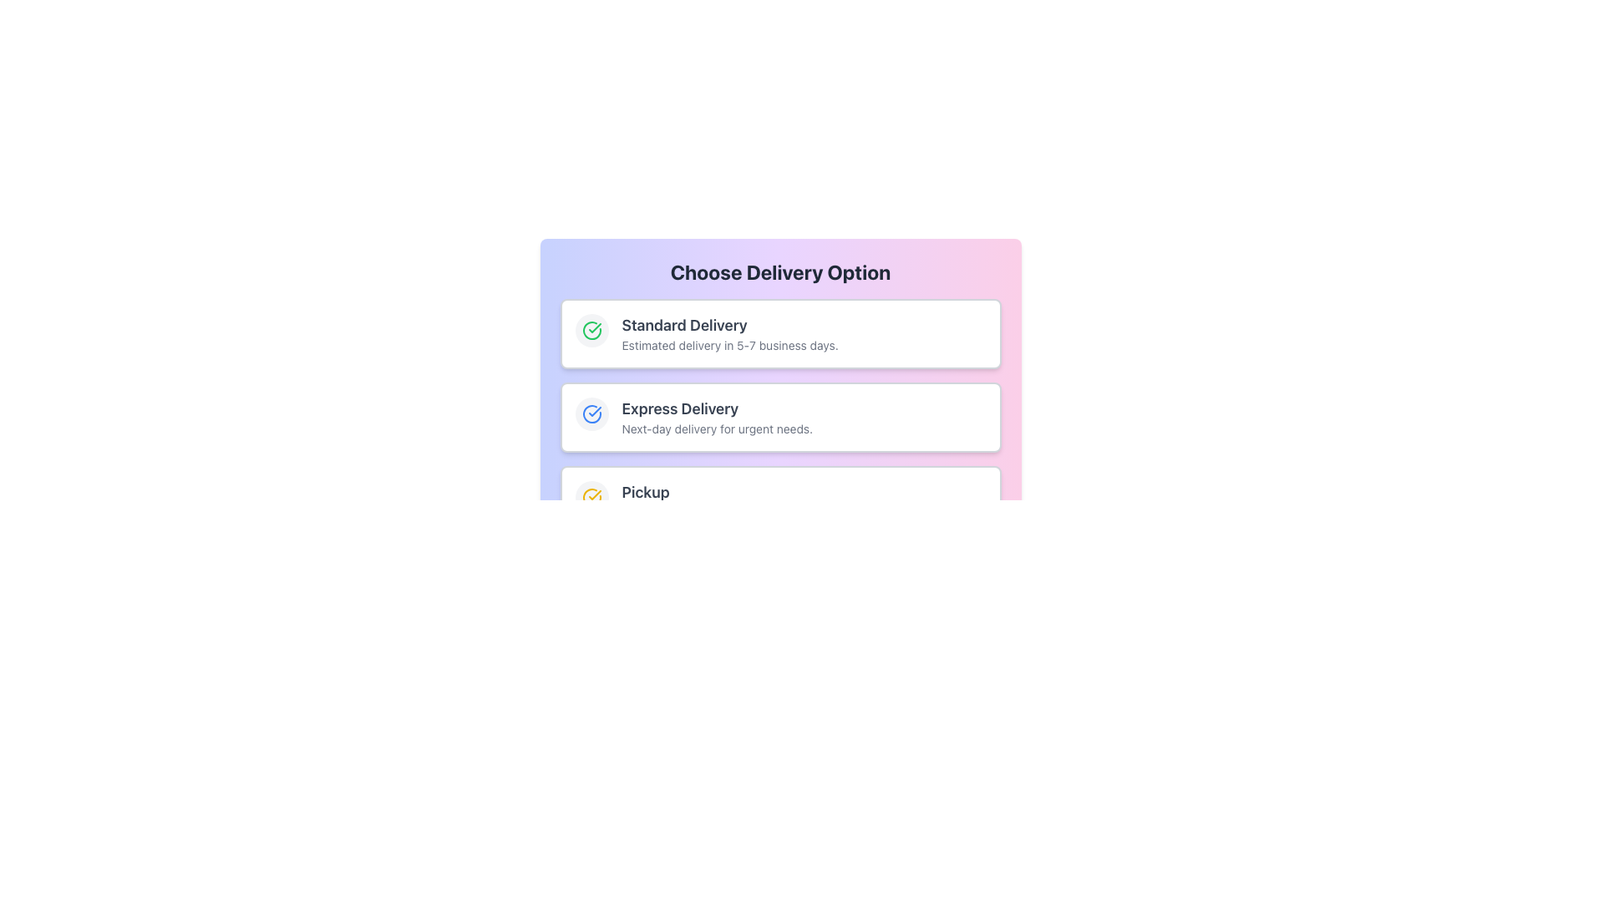  What do you see at coordinates (779, 500) in the screenshot?
I see `the 'Pickup' delivery method button located below 'Standard Delivery' and 'Express Delivery' in the delivery options list` at bounding box center [779, 500].